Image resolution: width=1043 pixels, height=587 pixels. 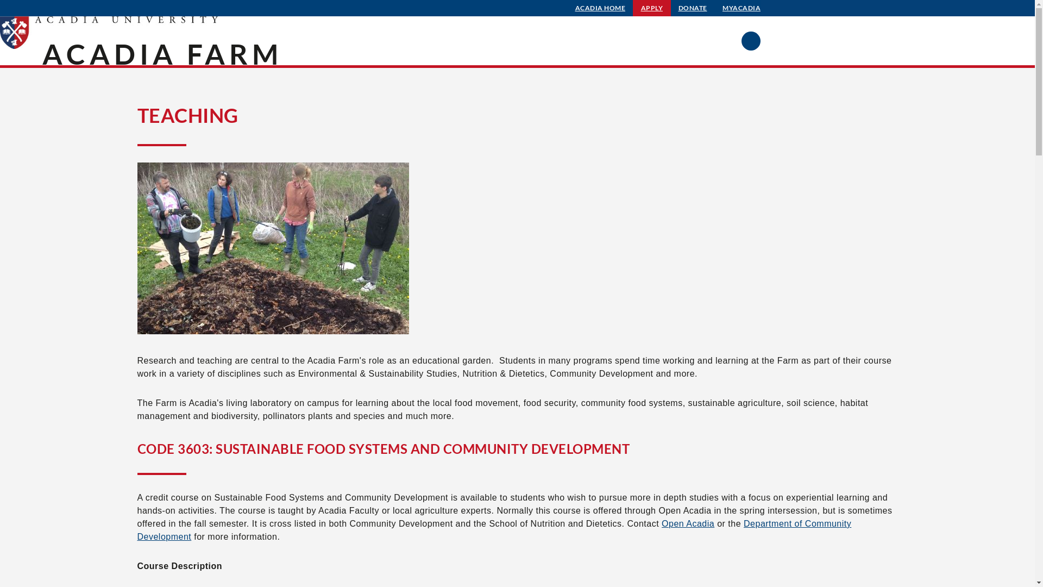 What do you see at coordinates (493, 529) in the screenshot?
I see `'Department of Community Development'` at bounding box center [493, 529].